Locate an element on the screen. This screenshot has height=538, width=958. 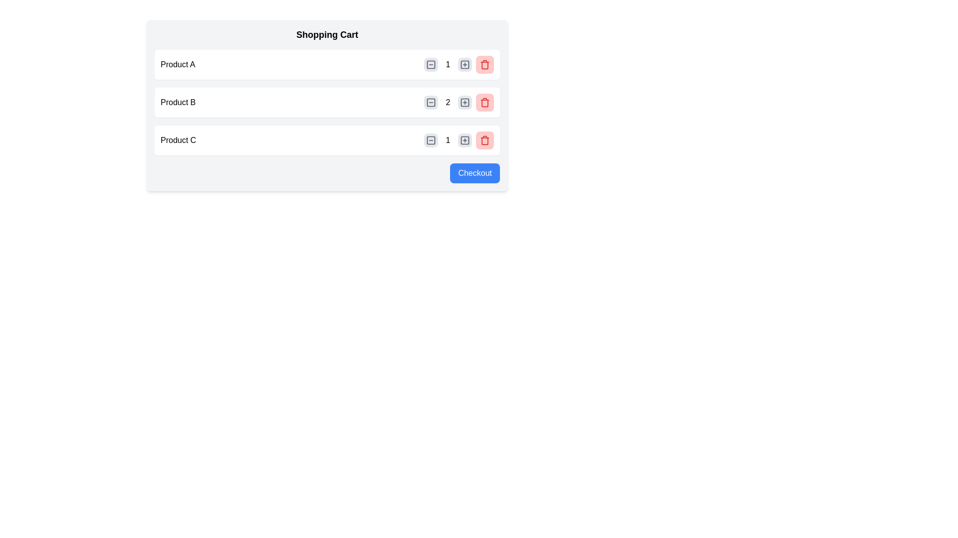
the minus button, which is a square with rounded corners and a gray outline, to decrement the quantity of 'Product A' is located at coordinates (431, 65).